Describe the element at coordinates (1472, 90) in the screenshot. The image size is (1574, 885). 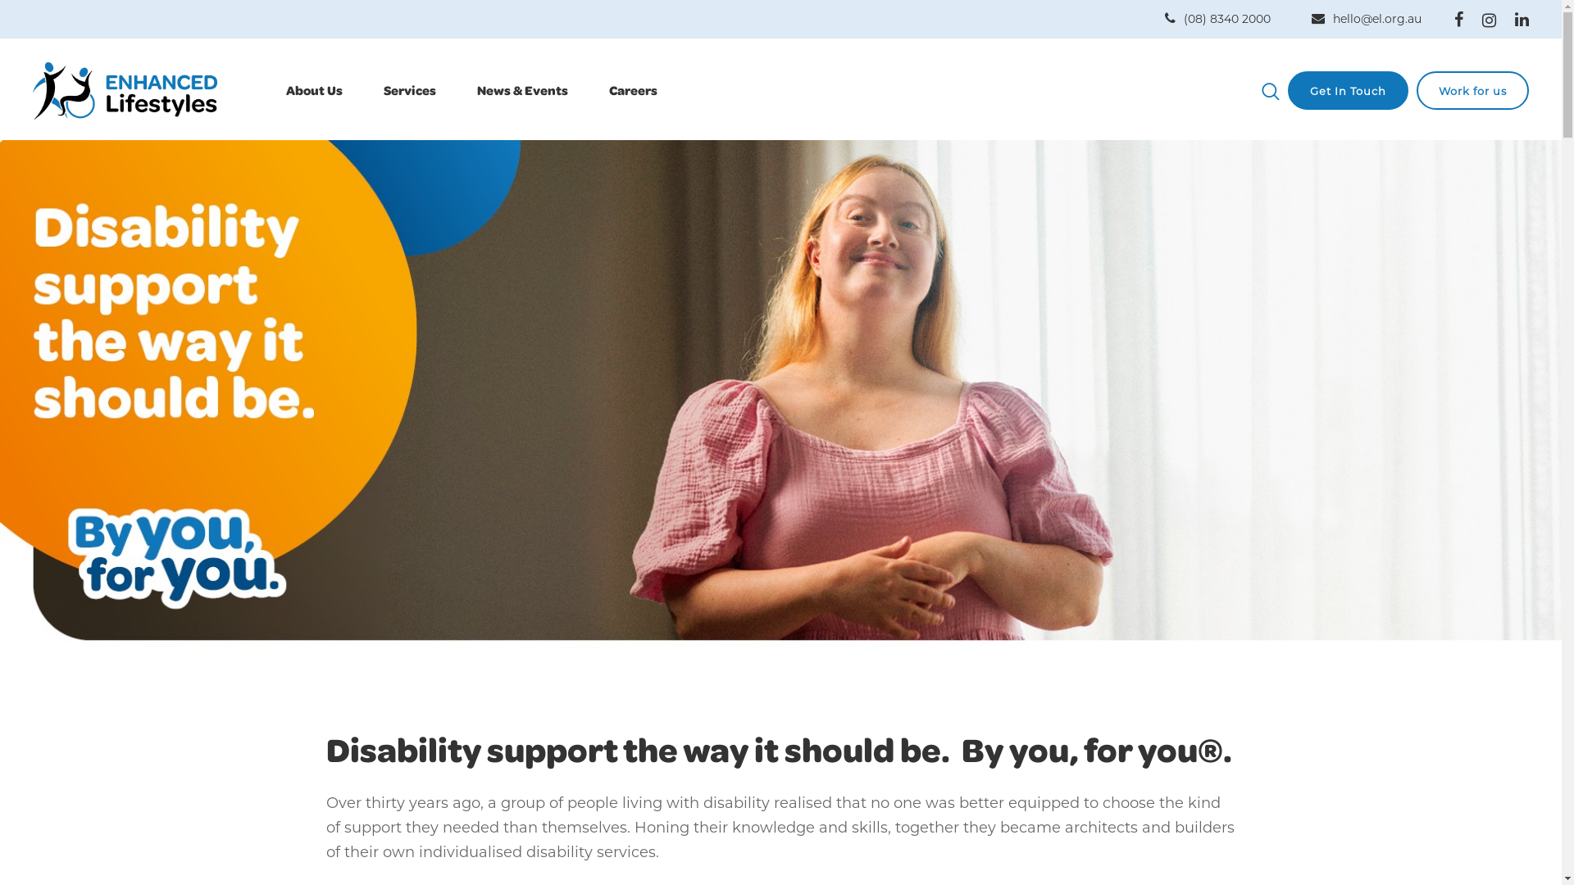
I see `'Work for us'` at that location.